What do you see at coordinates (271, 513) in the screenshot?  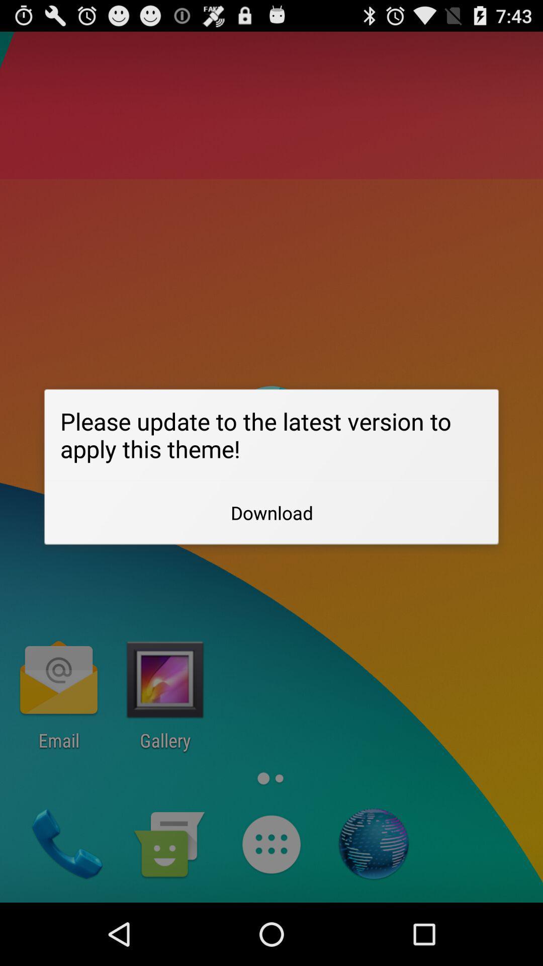 I see `download item` at bounding box center [271, 513].